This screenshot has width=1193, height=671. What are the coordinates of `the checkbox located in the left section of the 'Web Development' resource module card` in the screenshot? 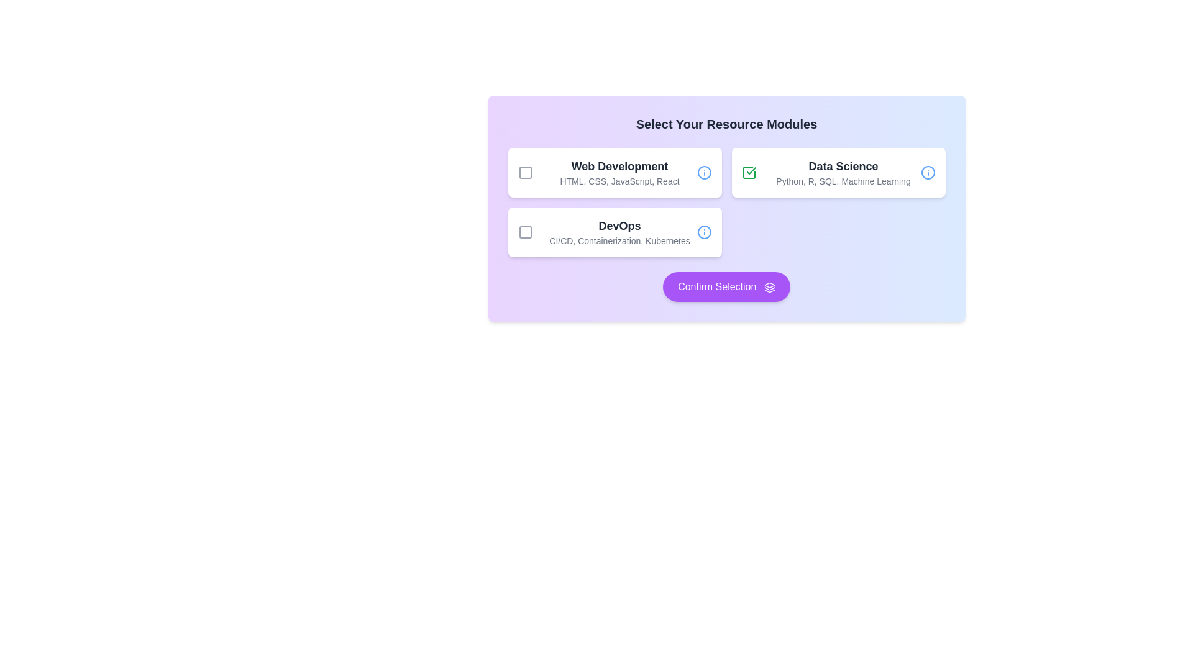 It's located at (525, 172).